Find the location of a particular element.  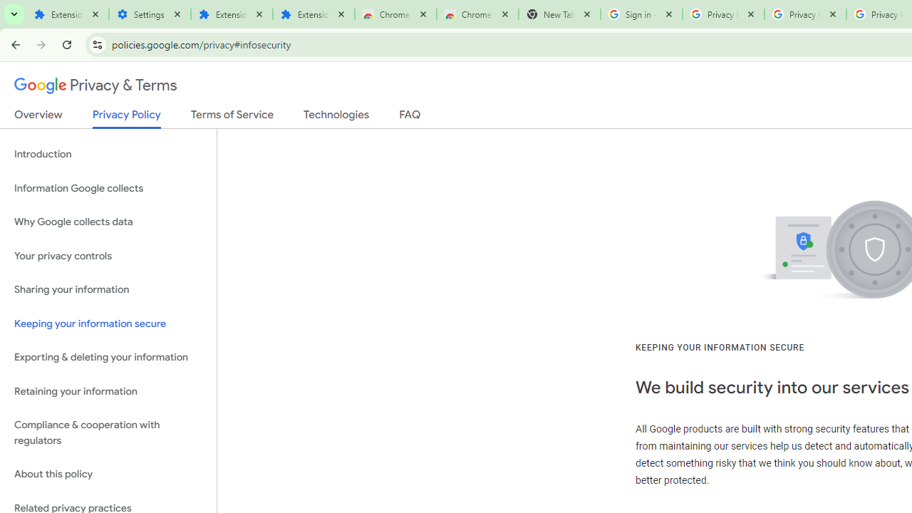

'Keeping your information secure' is located at coordinates (108, 323).